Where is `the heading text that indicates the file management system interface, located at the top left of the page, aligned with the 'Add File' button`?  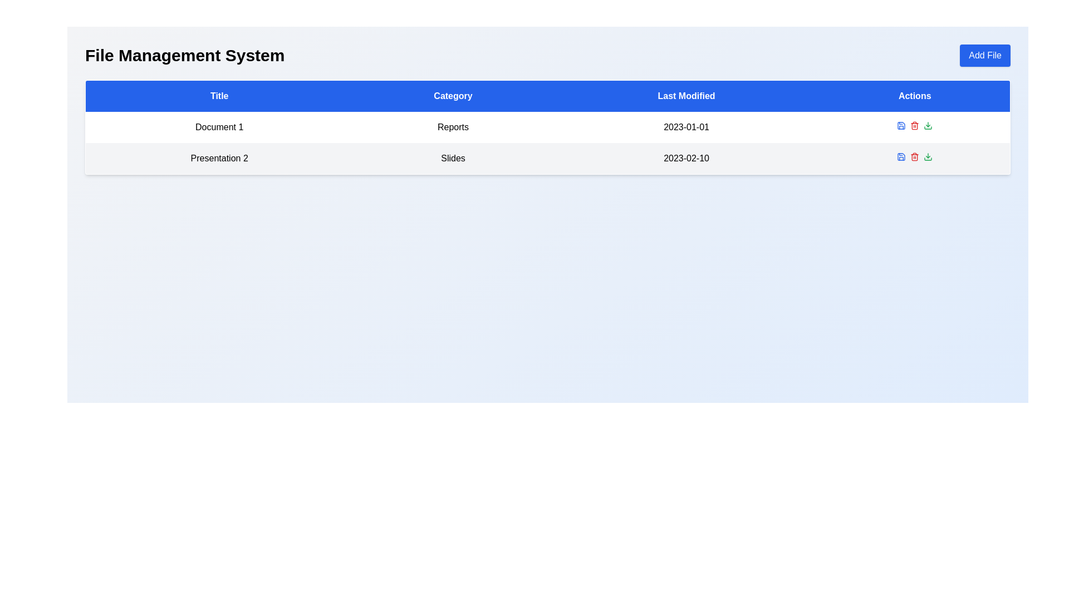
the heading text that indicates the file management system interface, located at the top left of the page, aligned with the 'Add File' button is located at coordinates (185, 56).